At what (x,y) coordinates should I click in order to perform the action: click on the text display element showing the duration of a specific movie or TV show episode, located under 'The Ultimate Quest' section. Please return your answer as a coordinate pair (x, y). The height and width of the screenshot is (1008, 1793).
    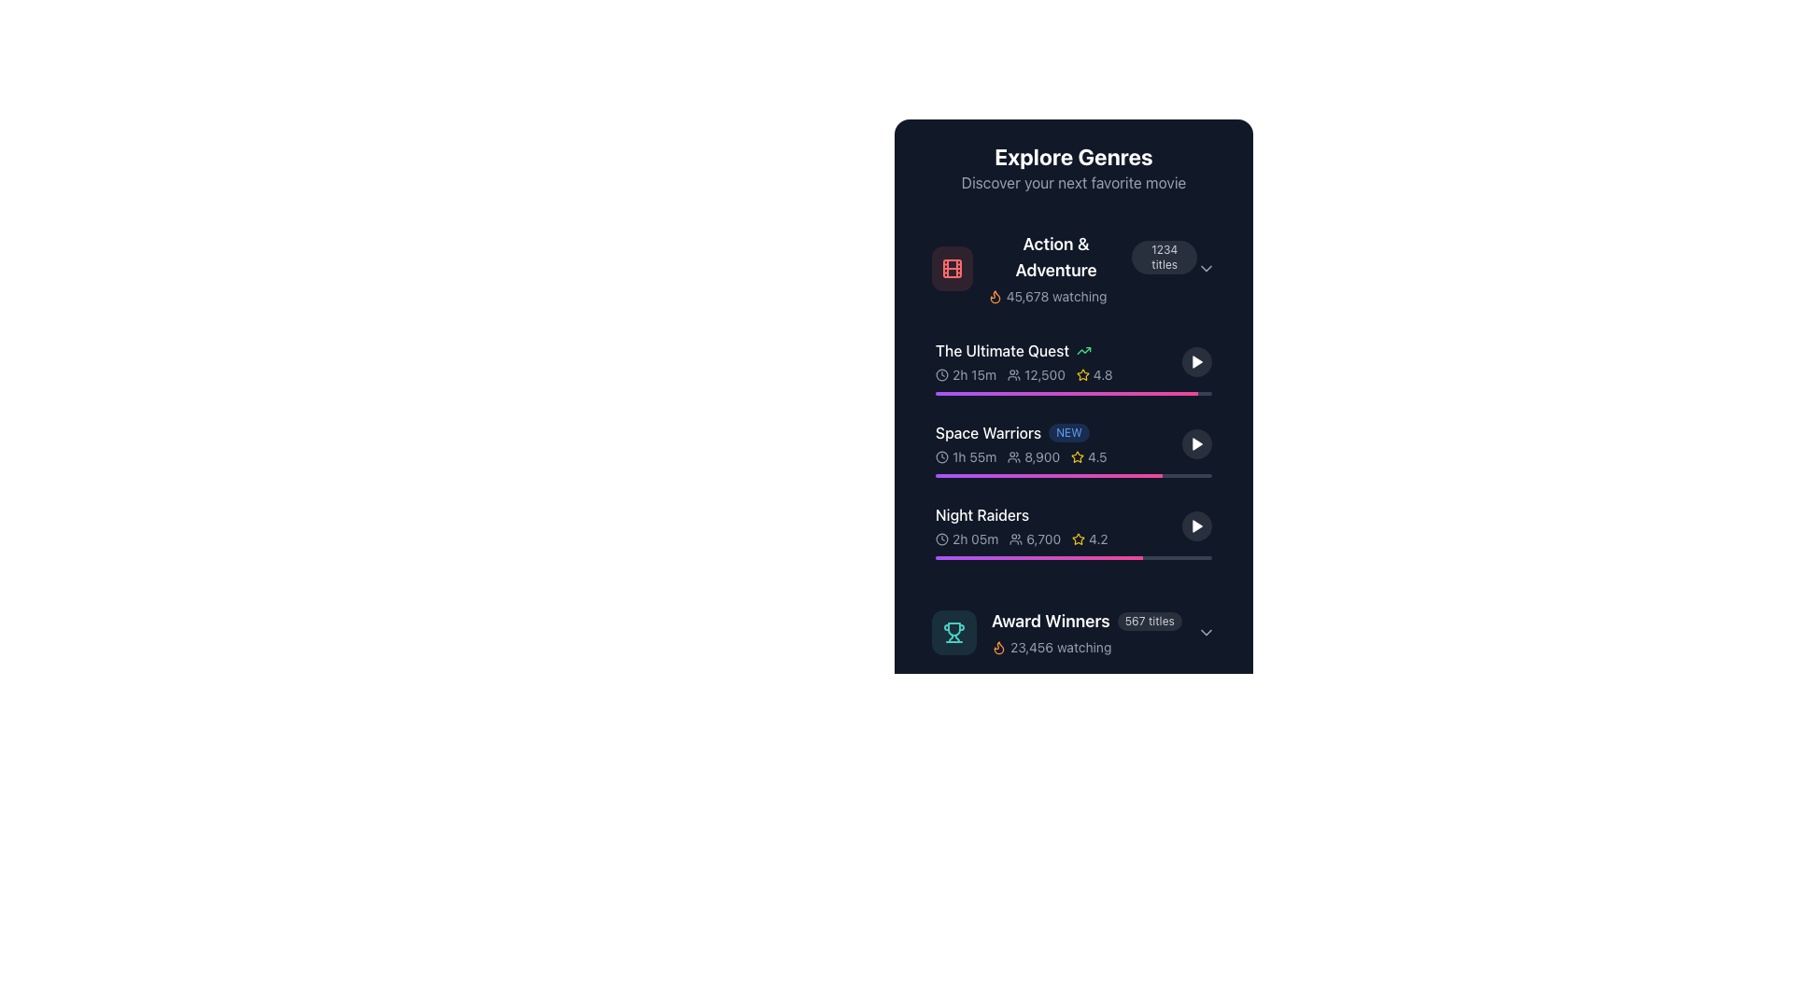
    Looking at the image, I should click on (966, 374).